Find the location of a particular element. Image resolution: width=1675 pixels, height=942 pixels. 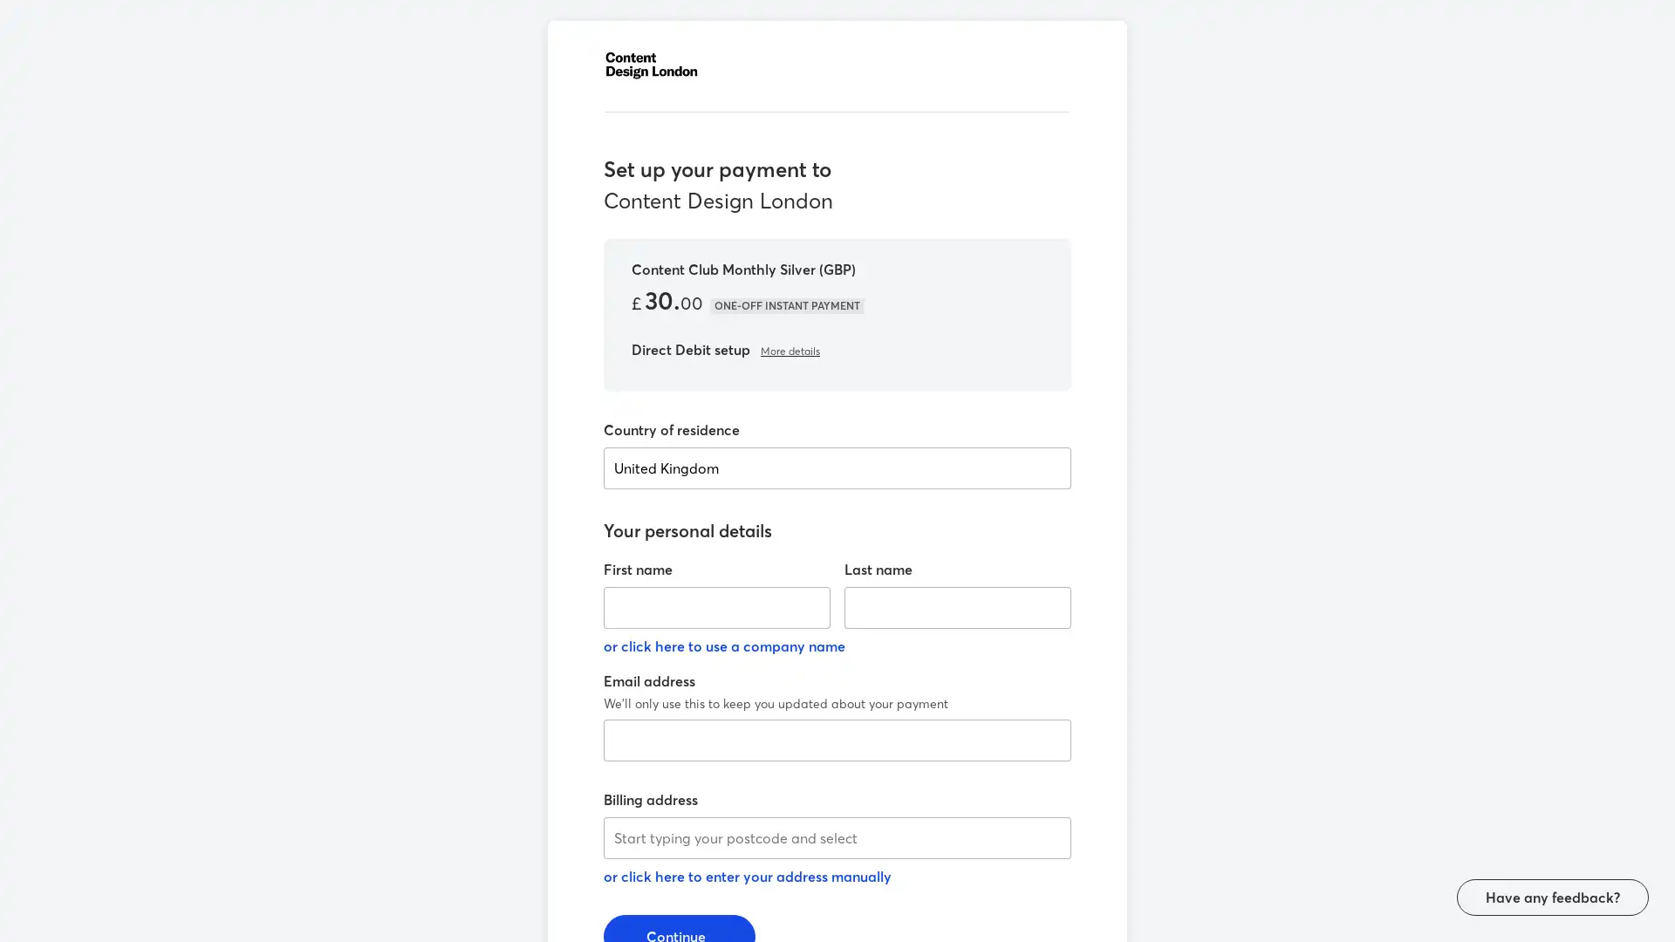

or click here to use a company name is located at coordinates (724, 642).